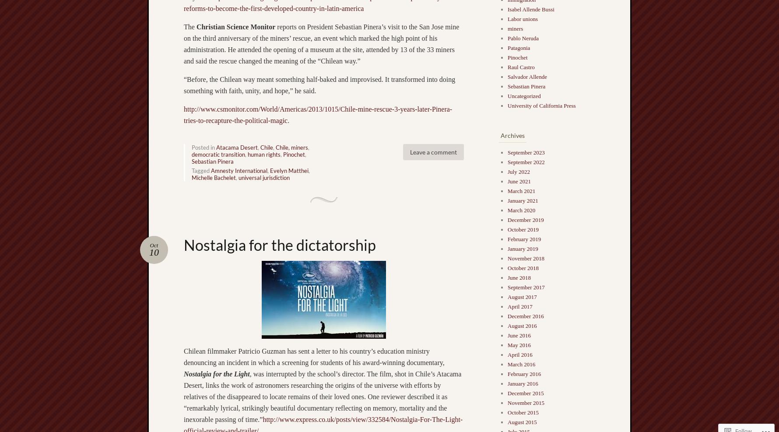 The width and height of the screenshot is (779, 432). Describe the element at coordinates (317, 114) in the screenshot. I see `'http://www.csmonitor.com/World/Americas/2013/1015/Chile-mine-rescue-3-years-later-Pinera-tries-to-recapture-the-political-magic'` at that location.